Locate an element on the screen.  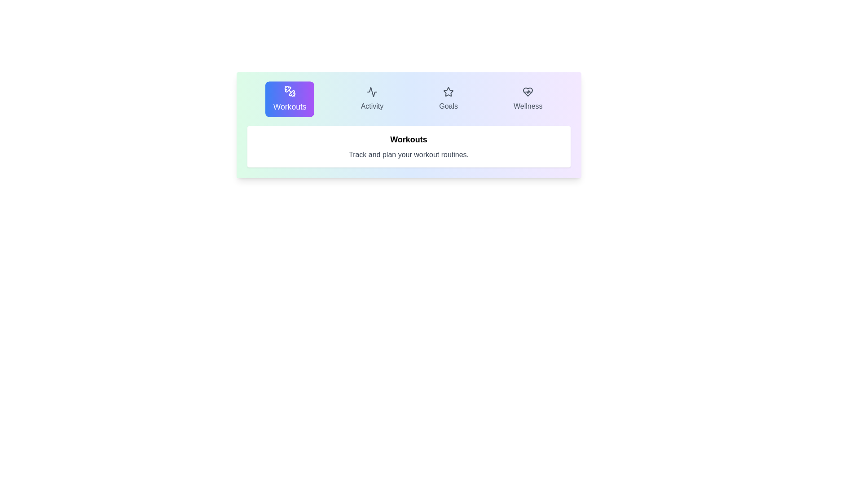
the 'Goals' icon located within the SVG graphic, positioned between the 'Activity' and 'Wellness' icons at the top of the interface is located at coordinates (449, 92).